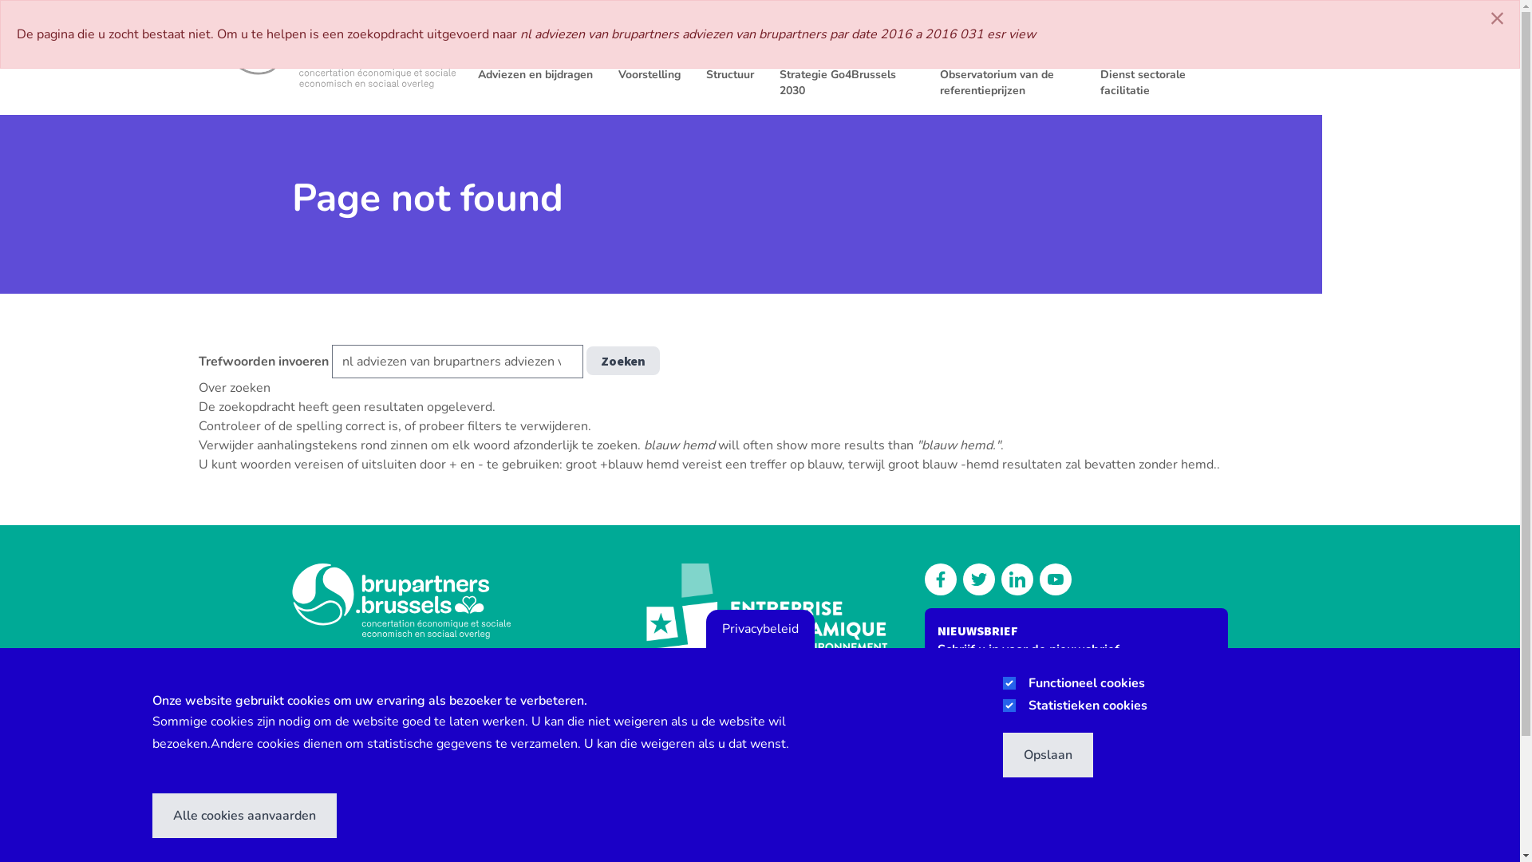 This screenshot has height=862, width=1532. I want to click on 'Voorstelling', so click(616, 73).